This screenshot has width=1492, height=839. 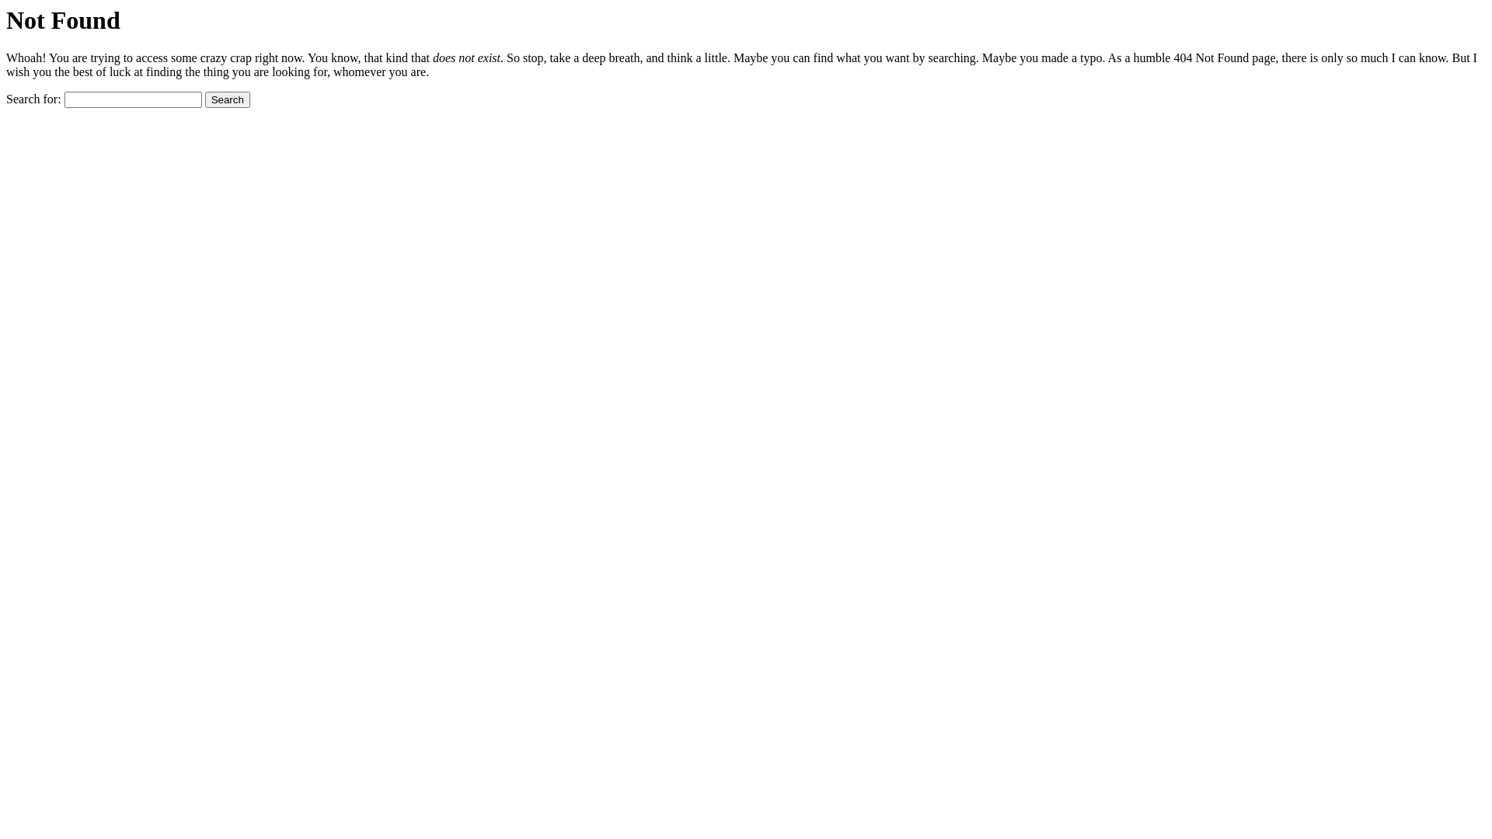 I want to click on 'Search', so click(x=226, y=99).